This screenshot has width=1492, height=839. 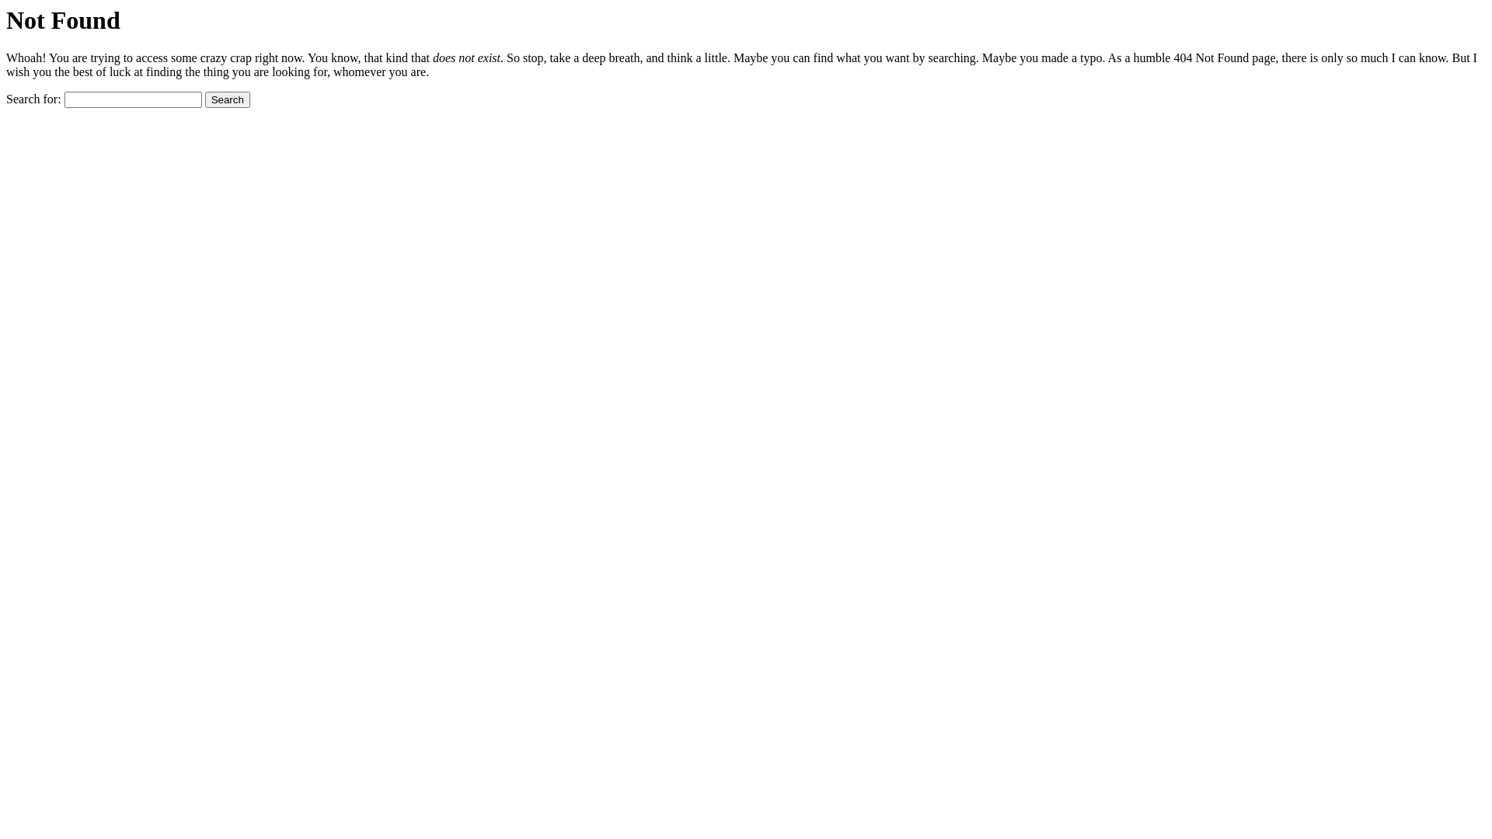 I want to click on 'Search', so click(x=226, y=99).